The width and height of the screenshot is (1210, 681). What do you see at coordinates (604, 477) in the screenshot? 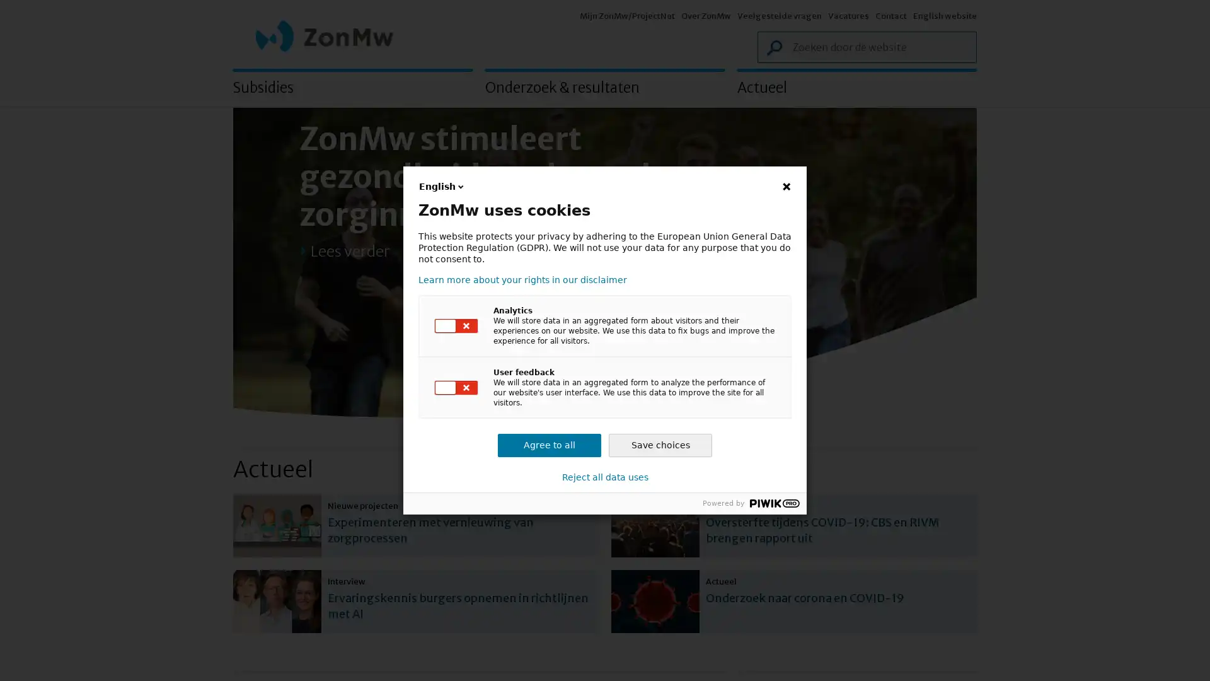
I see `Reject all data uses` at bounding box center [604, 477].